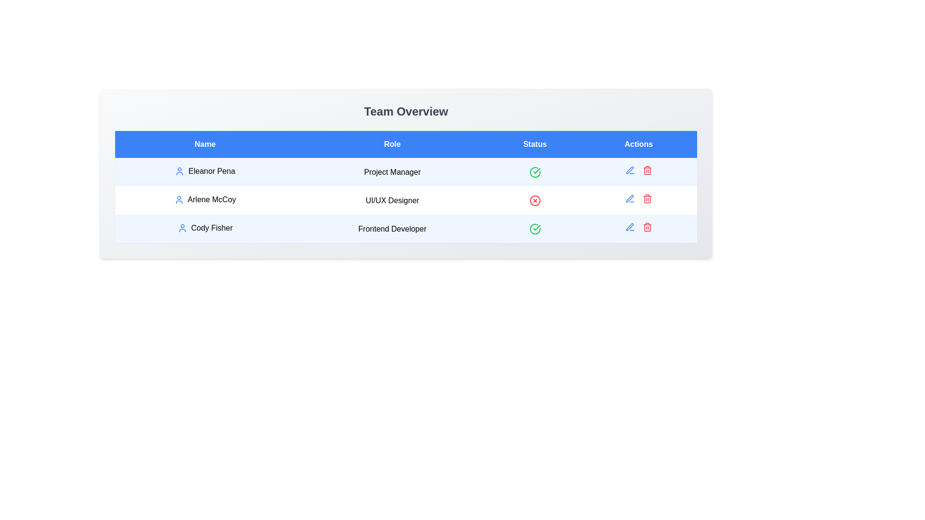 The width and height of the screenshot is (925, 520). What do you see at coordinates (204, 199) in the screenshot?
I see `the text label 'Arlene McCoy' which includes a user silhouette icon to its left, located in the second row of the table under the 'Name' column` at bounding box center [204, 199].